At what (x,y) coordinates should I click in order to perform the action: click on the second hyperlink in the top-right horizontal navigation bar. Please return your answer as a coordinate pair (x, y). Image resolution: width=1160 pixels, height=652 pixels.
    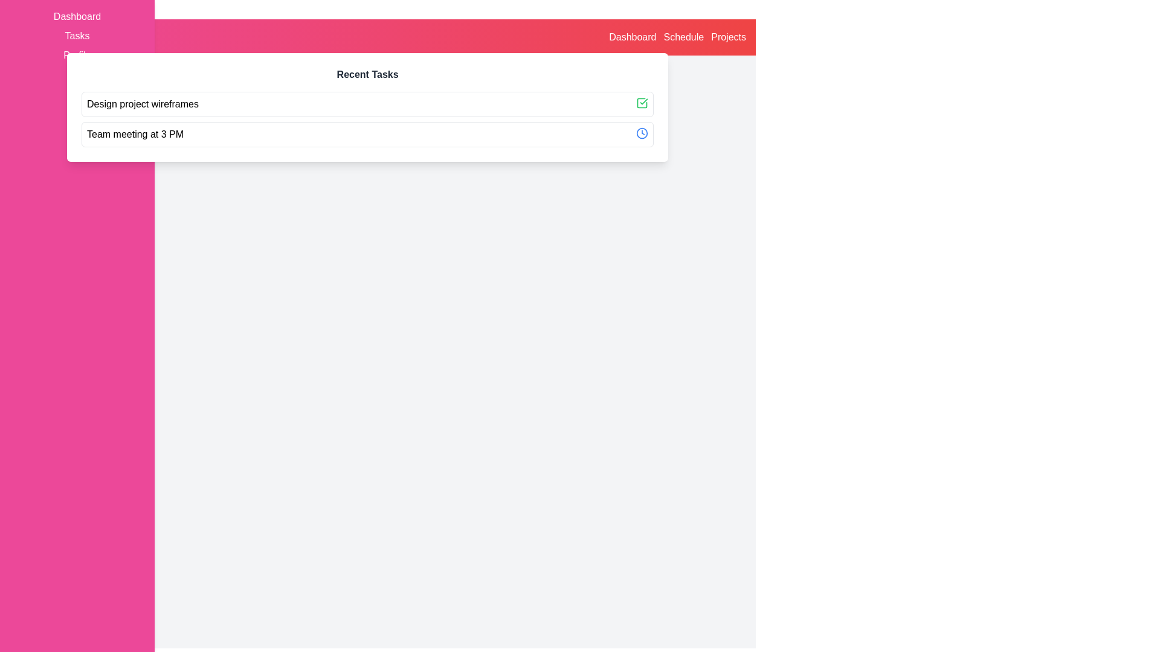
    Looking at the image, I should click on (683, 36).